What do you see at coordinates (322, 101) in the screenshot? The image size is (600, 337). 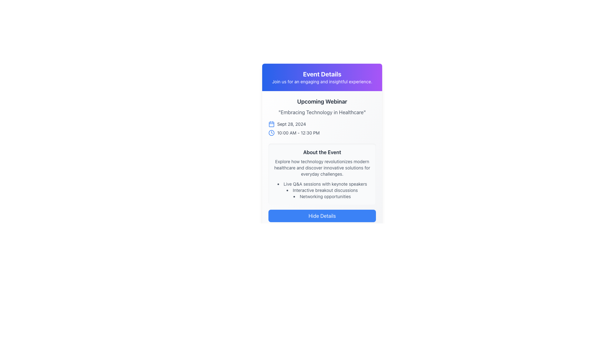 I see `the static text label 'Upcoming Webinar' which is bold and styled in a large font, located at the top of the card layout` at bounding box center [322, 101].